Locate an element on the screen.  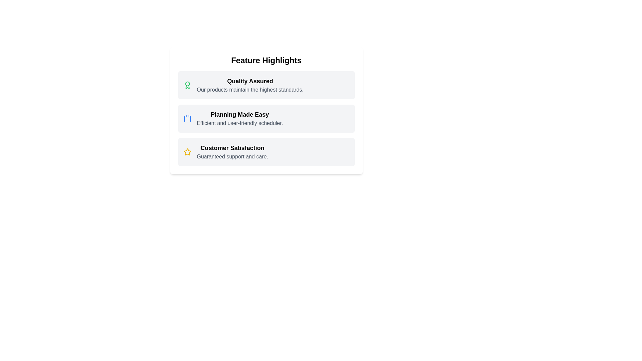
the Information card displaying 'Quality Assured' with a green badge icon on the left, located at the top of the 'Feature Highlights' list is located at coordinates (266, 85).